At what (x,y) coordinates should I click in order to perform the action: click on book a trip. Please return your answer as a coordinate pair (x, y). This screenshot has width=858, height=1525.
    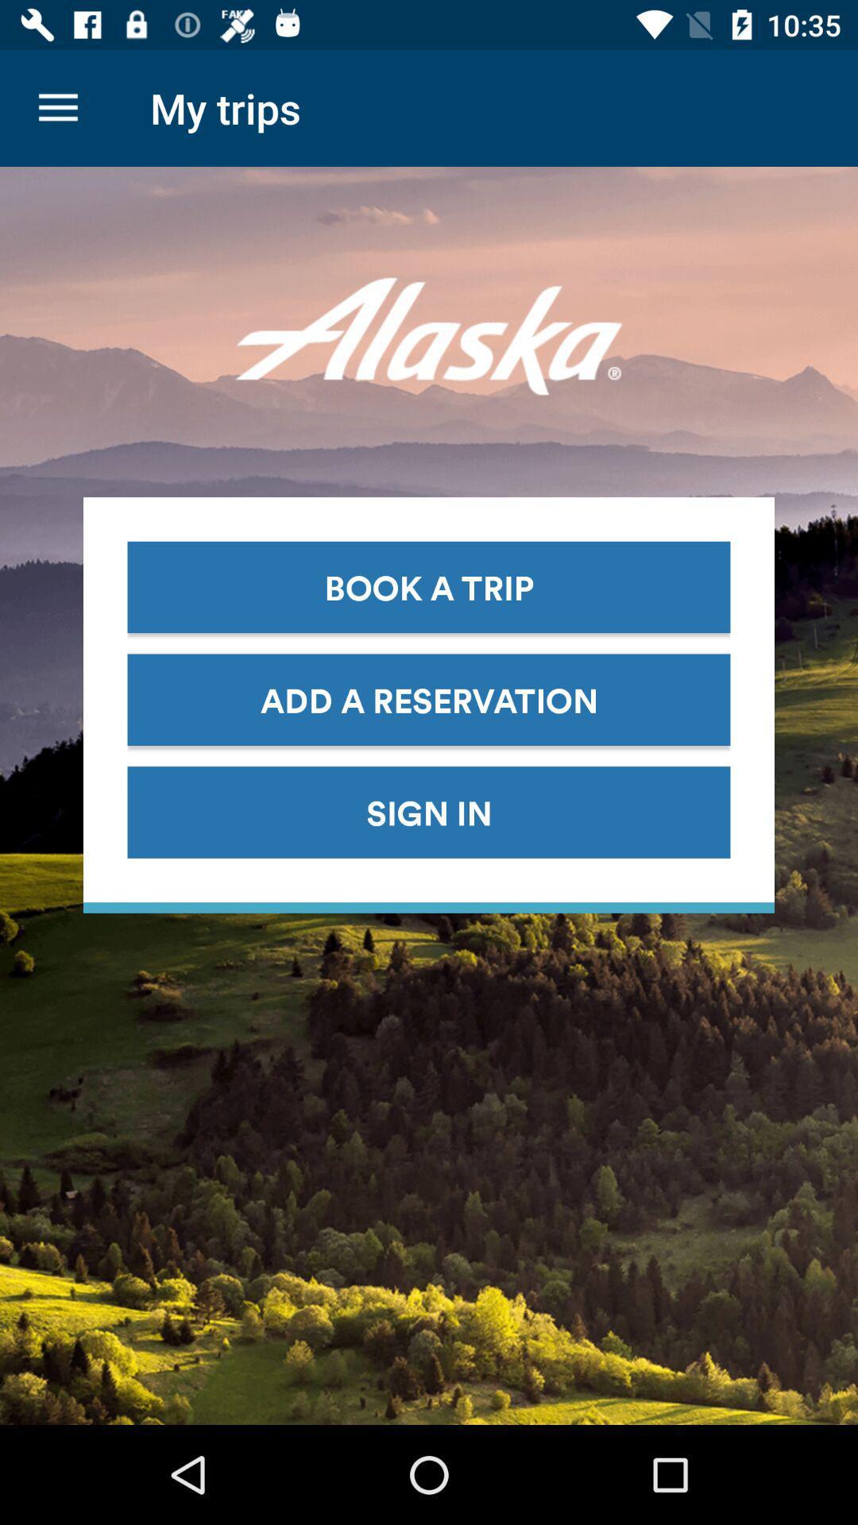
    Looking at the image, I should click on (429, 586).